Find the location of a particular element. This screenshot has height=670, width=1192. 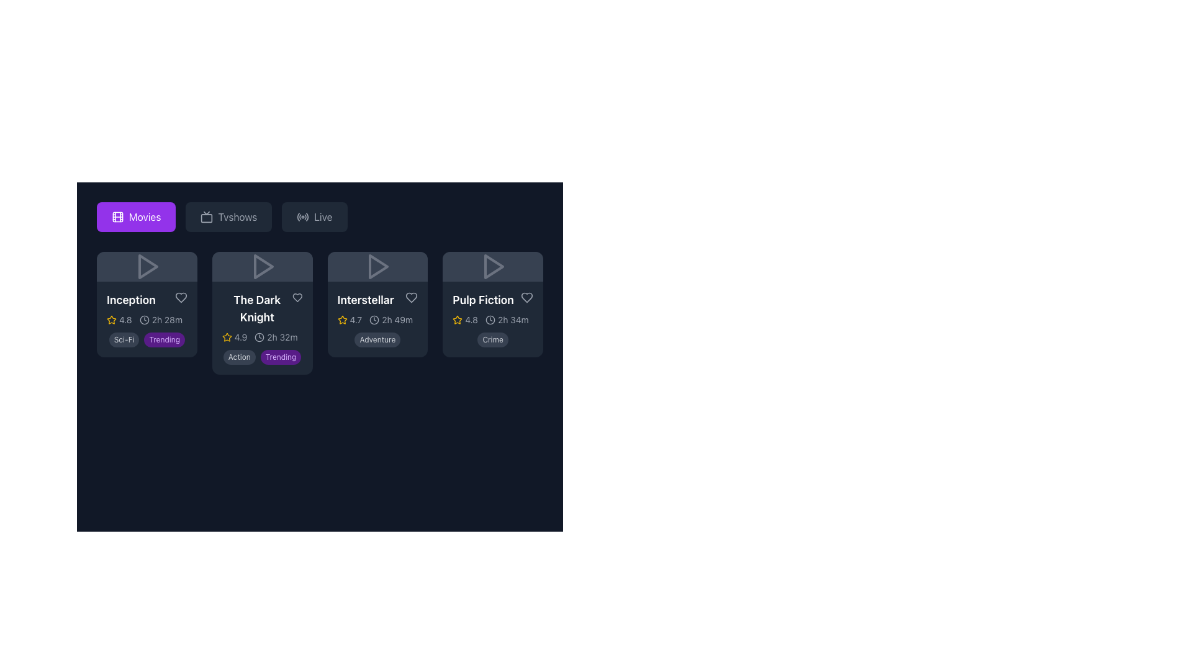

the 'Tvshows' text label in the navigation bar is located at coordinates (237, 217).